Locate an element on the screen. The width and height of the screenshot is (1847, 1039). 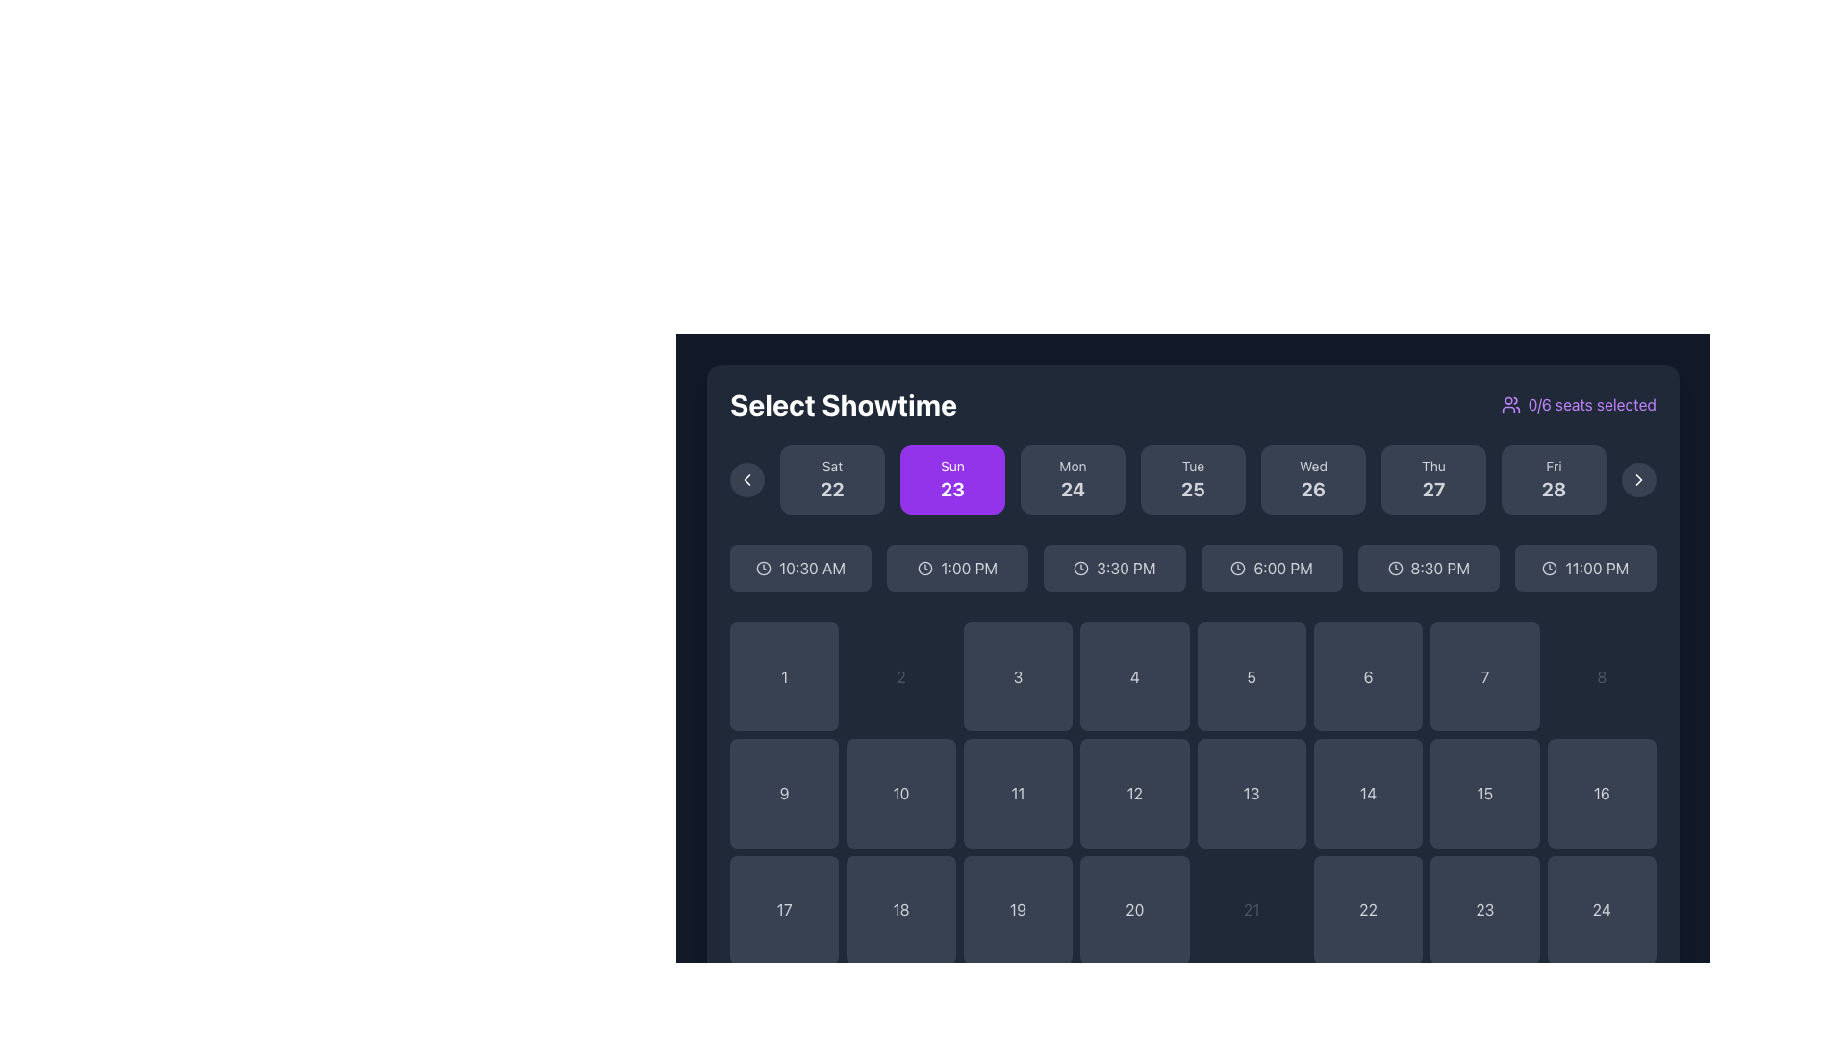
the circular gray clock icon located to the left of the time text displaying '1:00 PM' is located at coordinates (925, 567).